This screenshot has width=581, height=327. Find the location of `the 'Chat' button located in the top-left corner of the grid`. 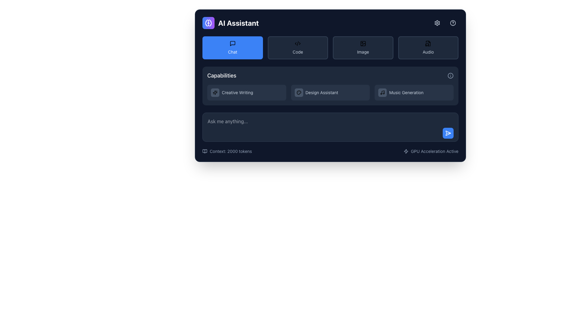

the 'Chat' button located in the top-left corner of the grid is located at coordinates (232, 48).